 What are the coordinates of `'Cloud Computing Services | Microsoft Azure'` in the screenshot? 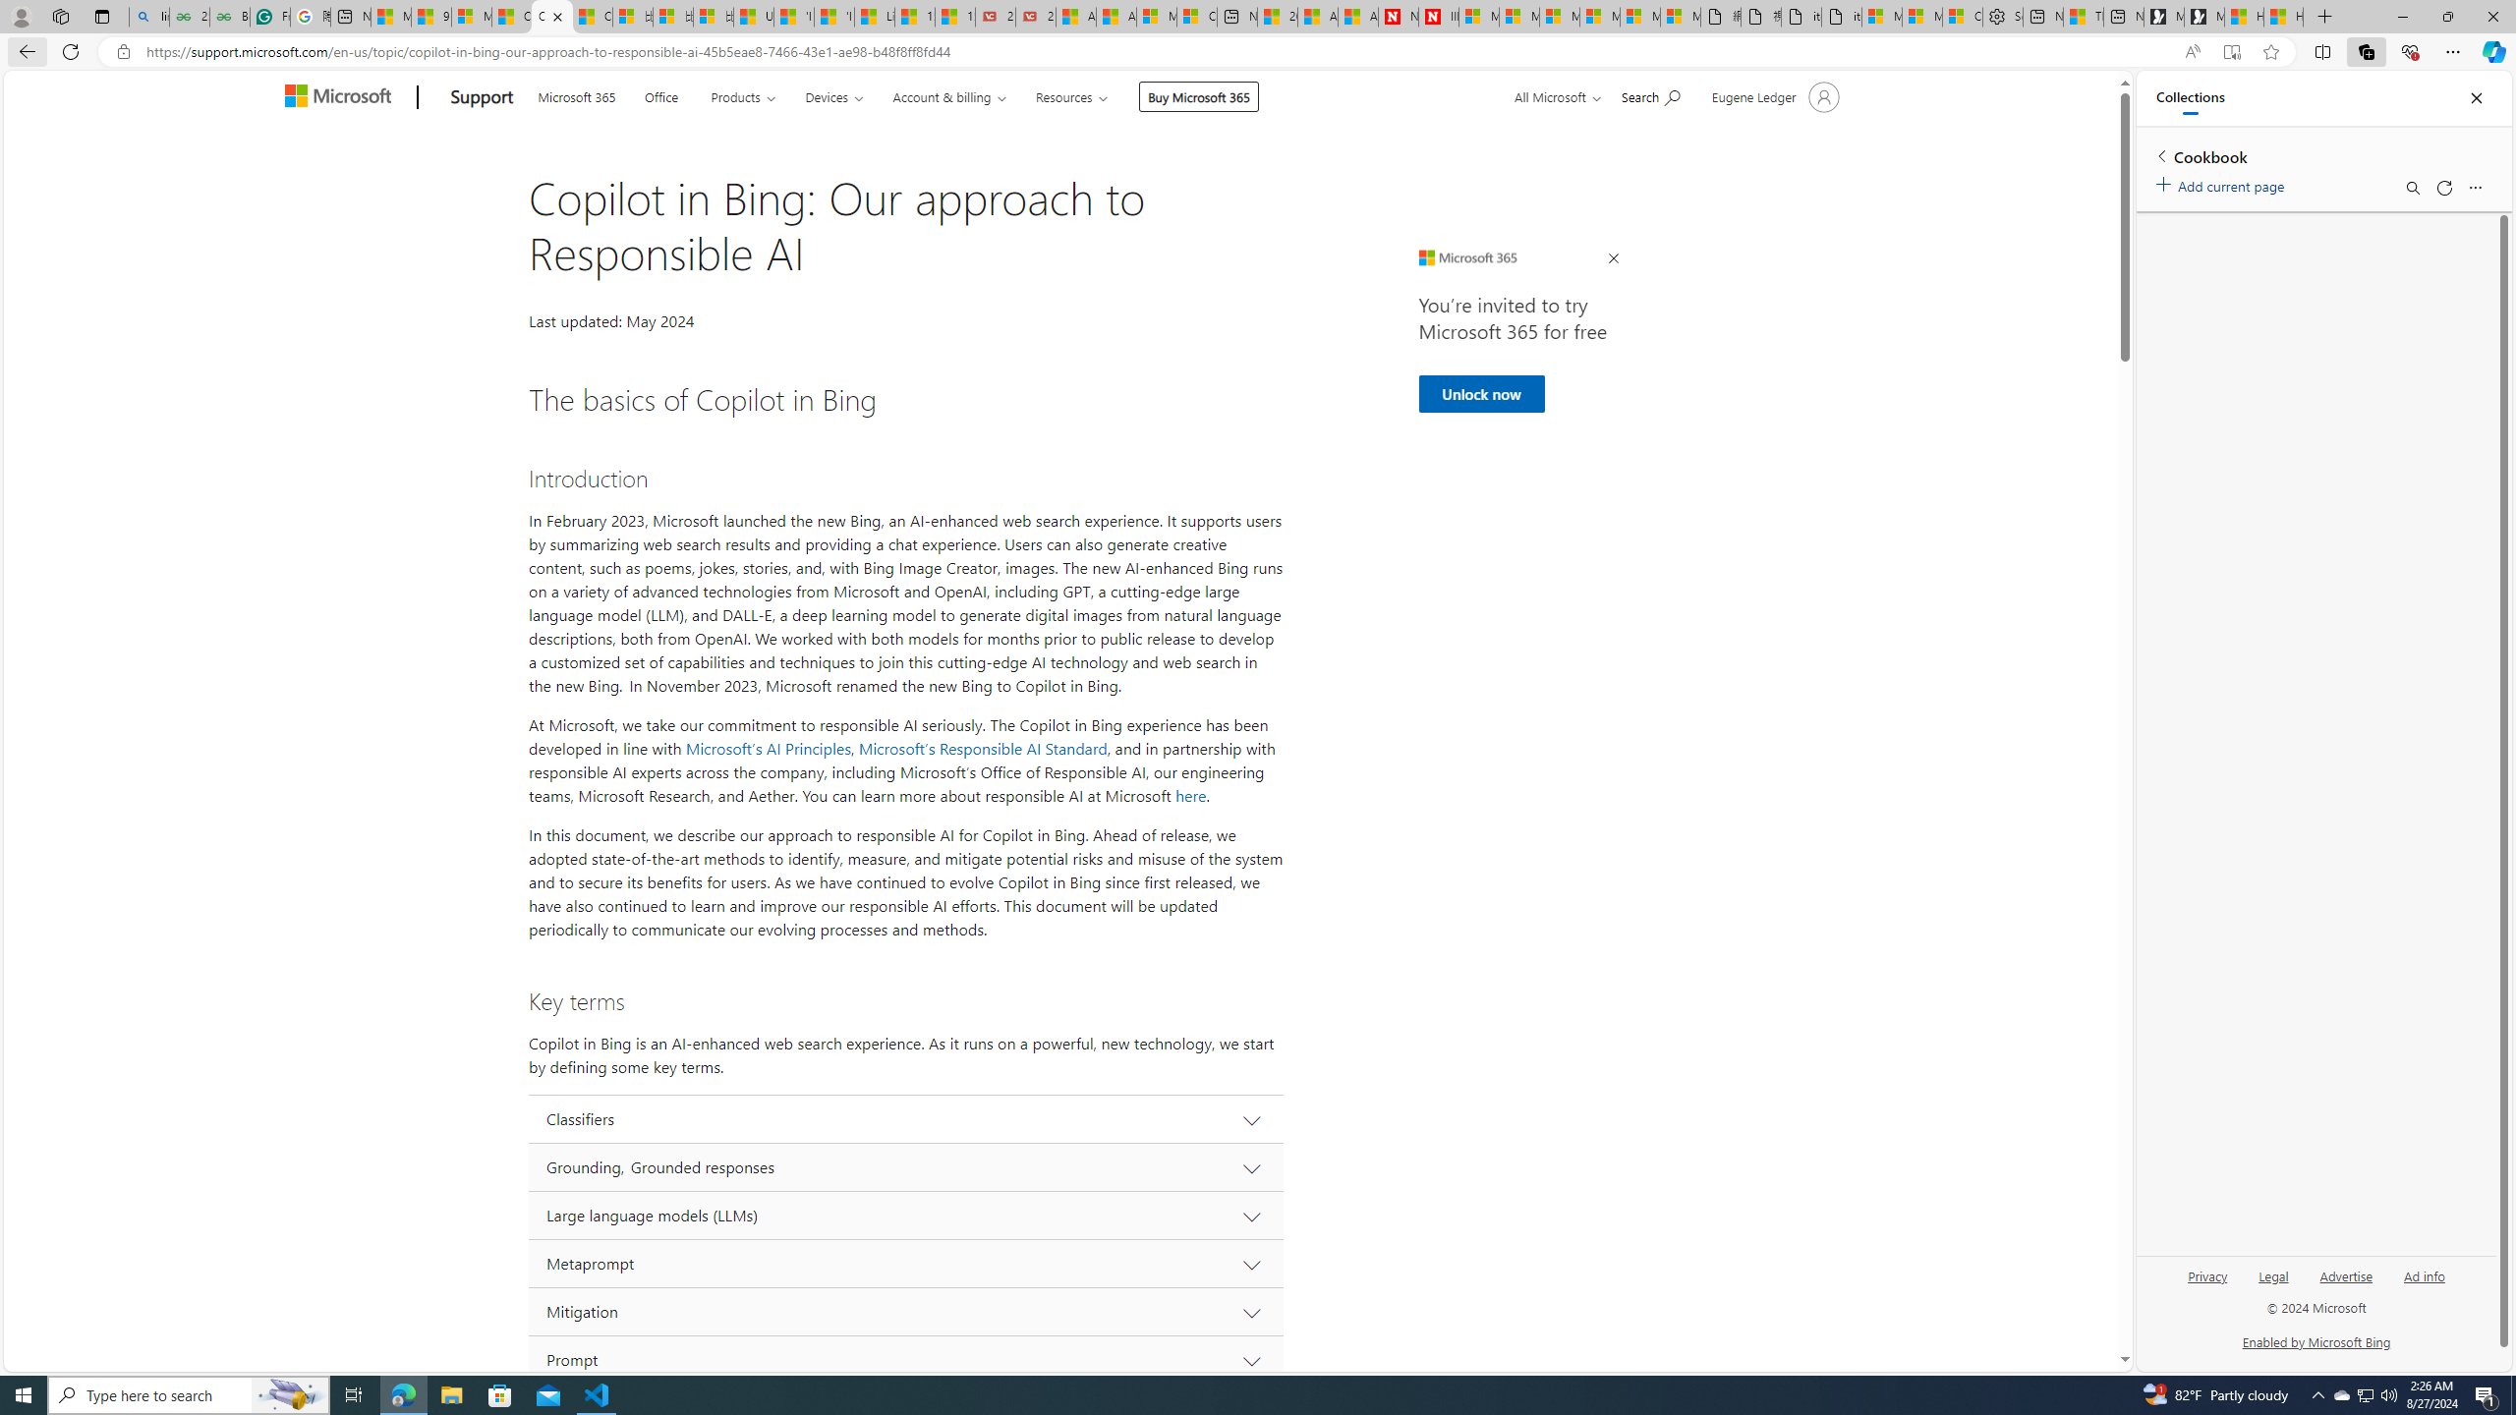 It's located at (1195, 16).